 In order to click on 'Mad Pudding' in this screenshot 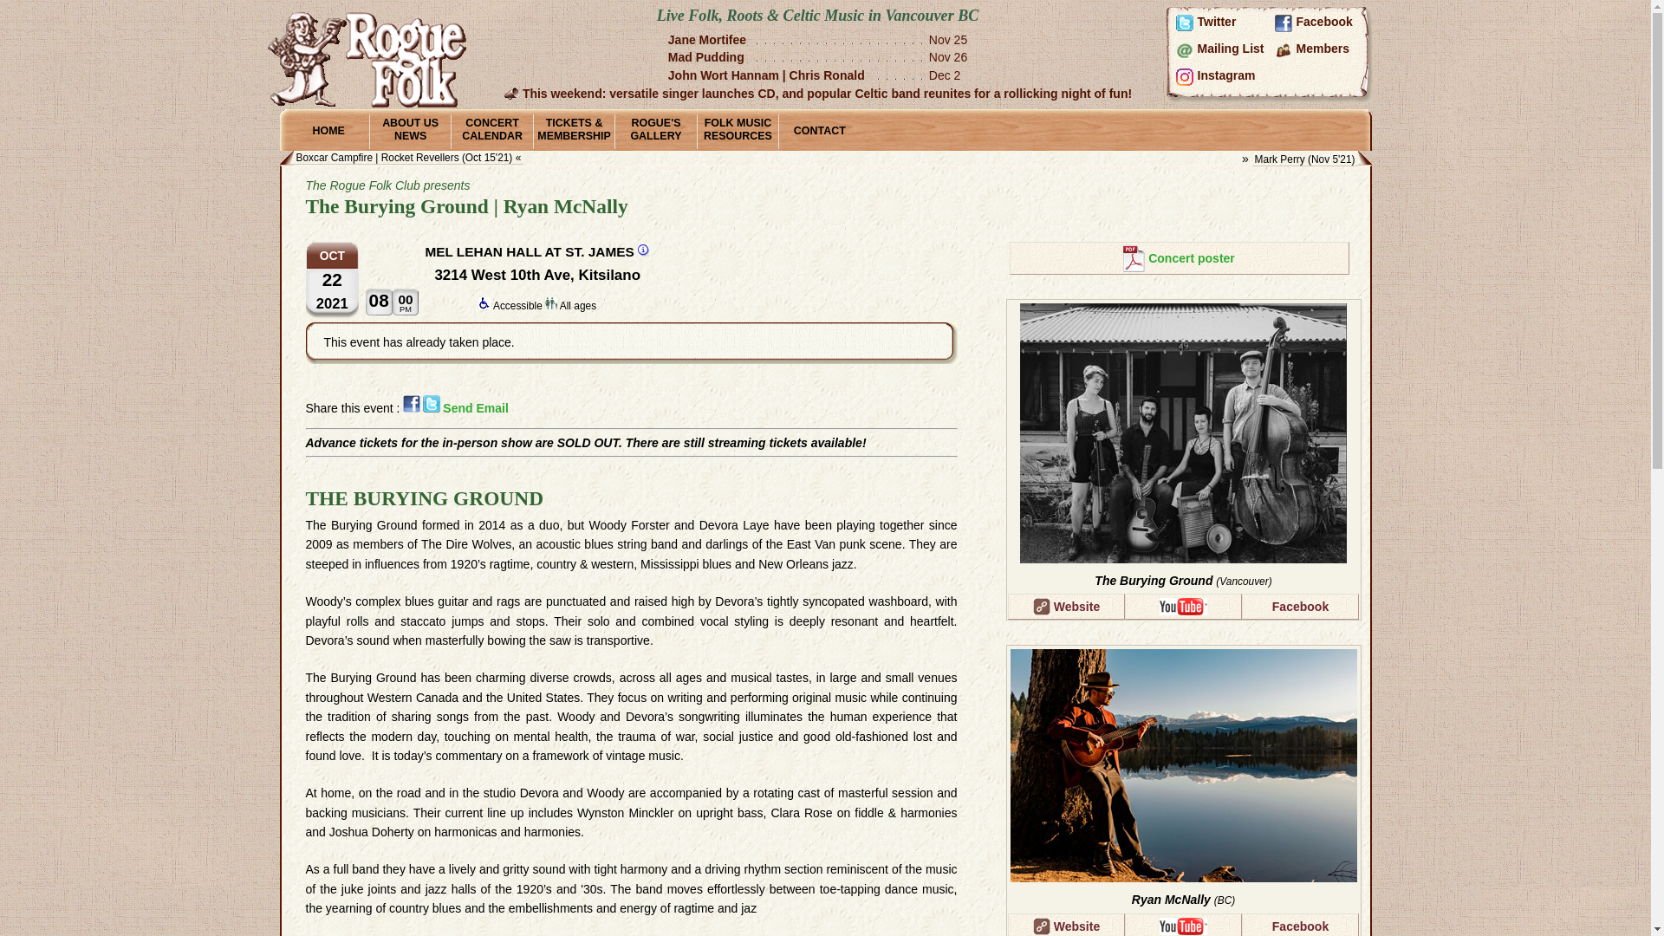, I will do `click(709, 55)`.